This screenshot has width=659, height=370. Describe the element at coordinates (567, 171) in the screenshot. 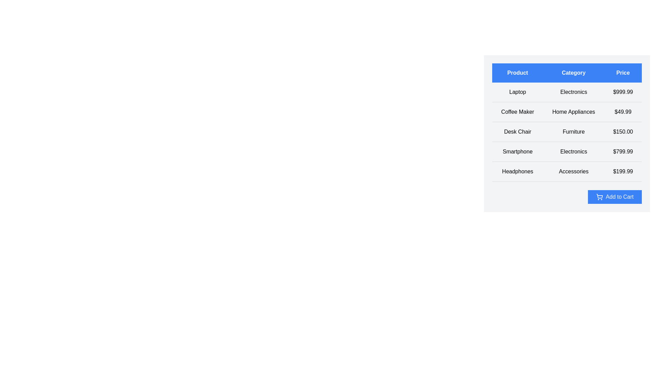

I see `the last row of the product table displaying 'Headphones'` at that location.